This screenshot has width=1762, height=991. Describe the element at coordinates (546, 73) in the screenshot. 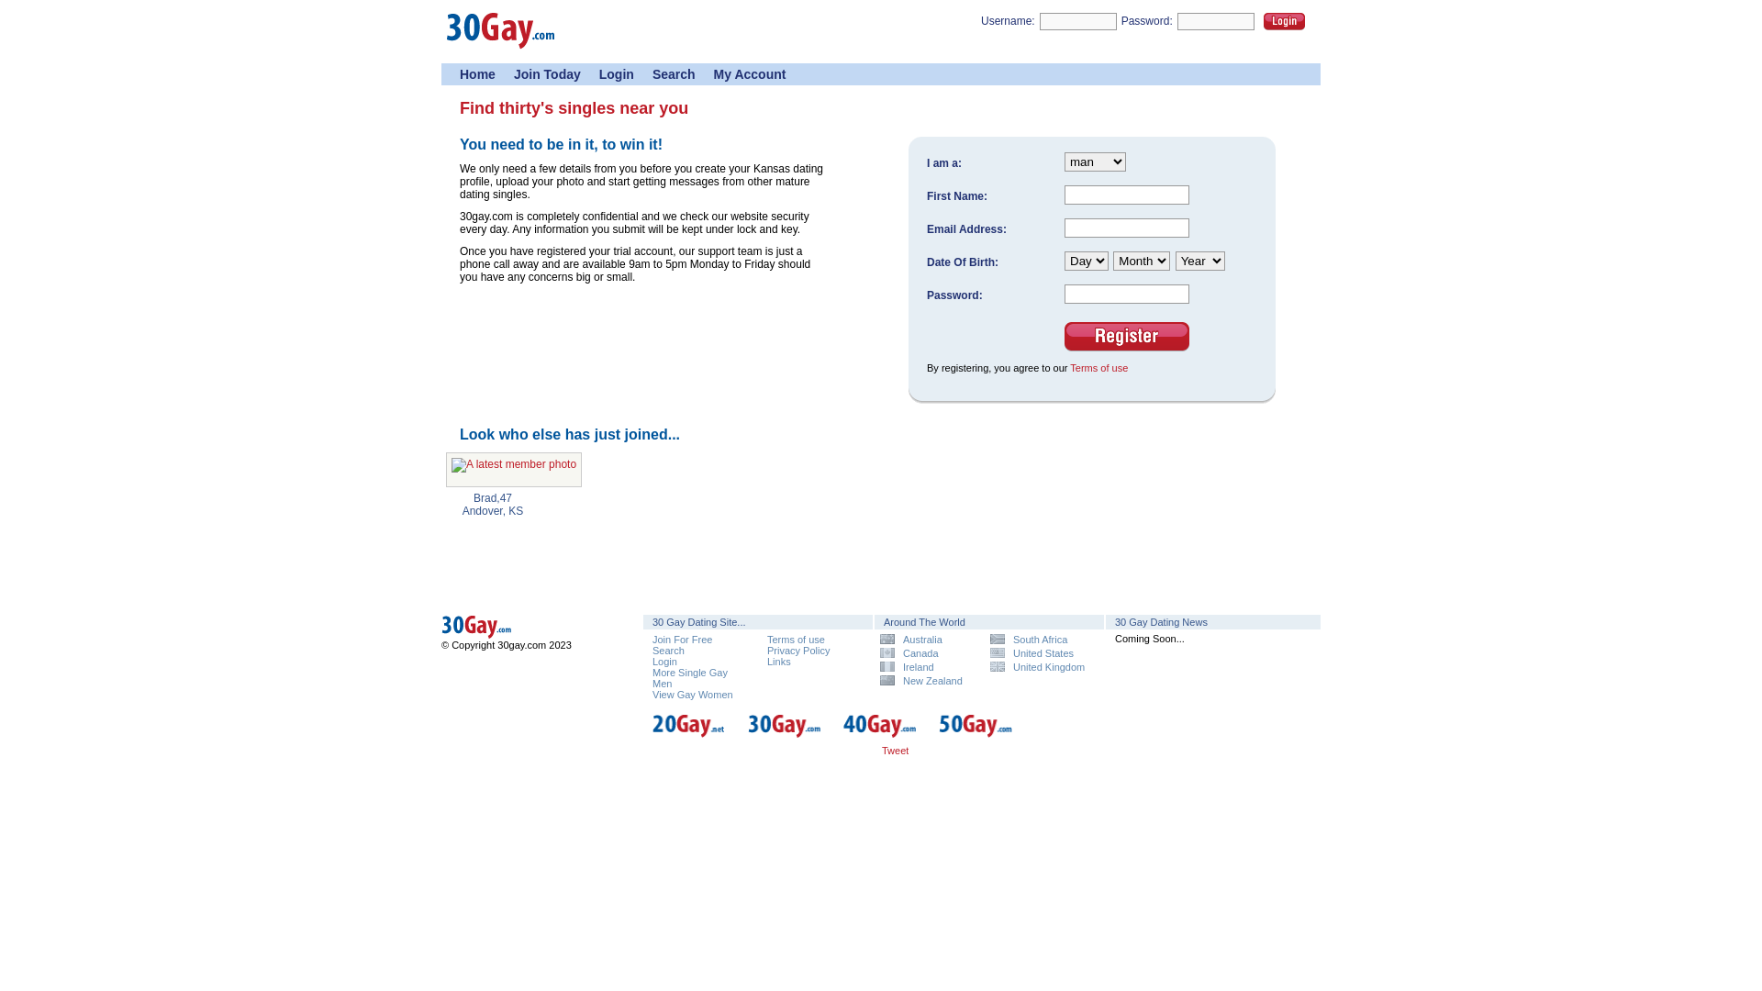

I see `'Join Today'` at that location.